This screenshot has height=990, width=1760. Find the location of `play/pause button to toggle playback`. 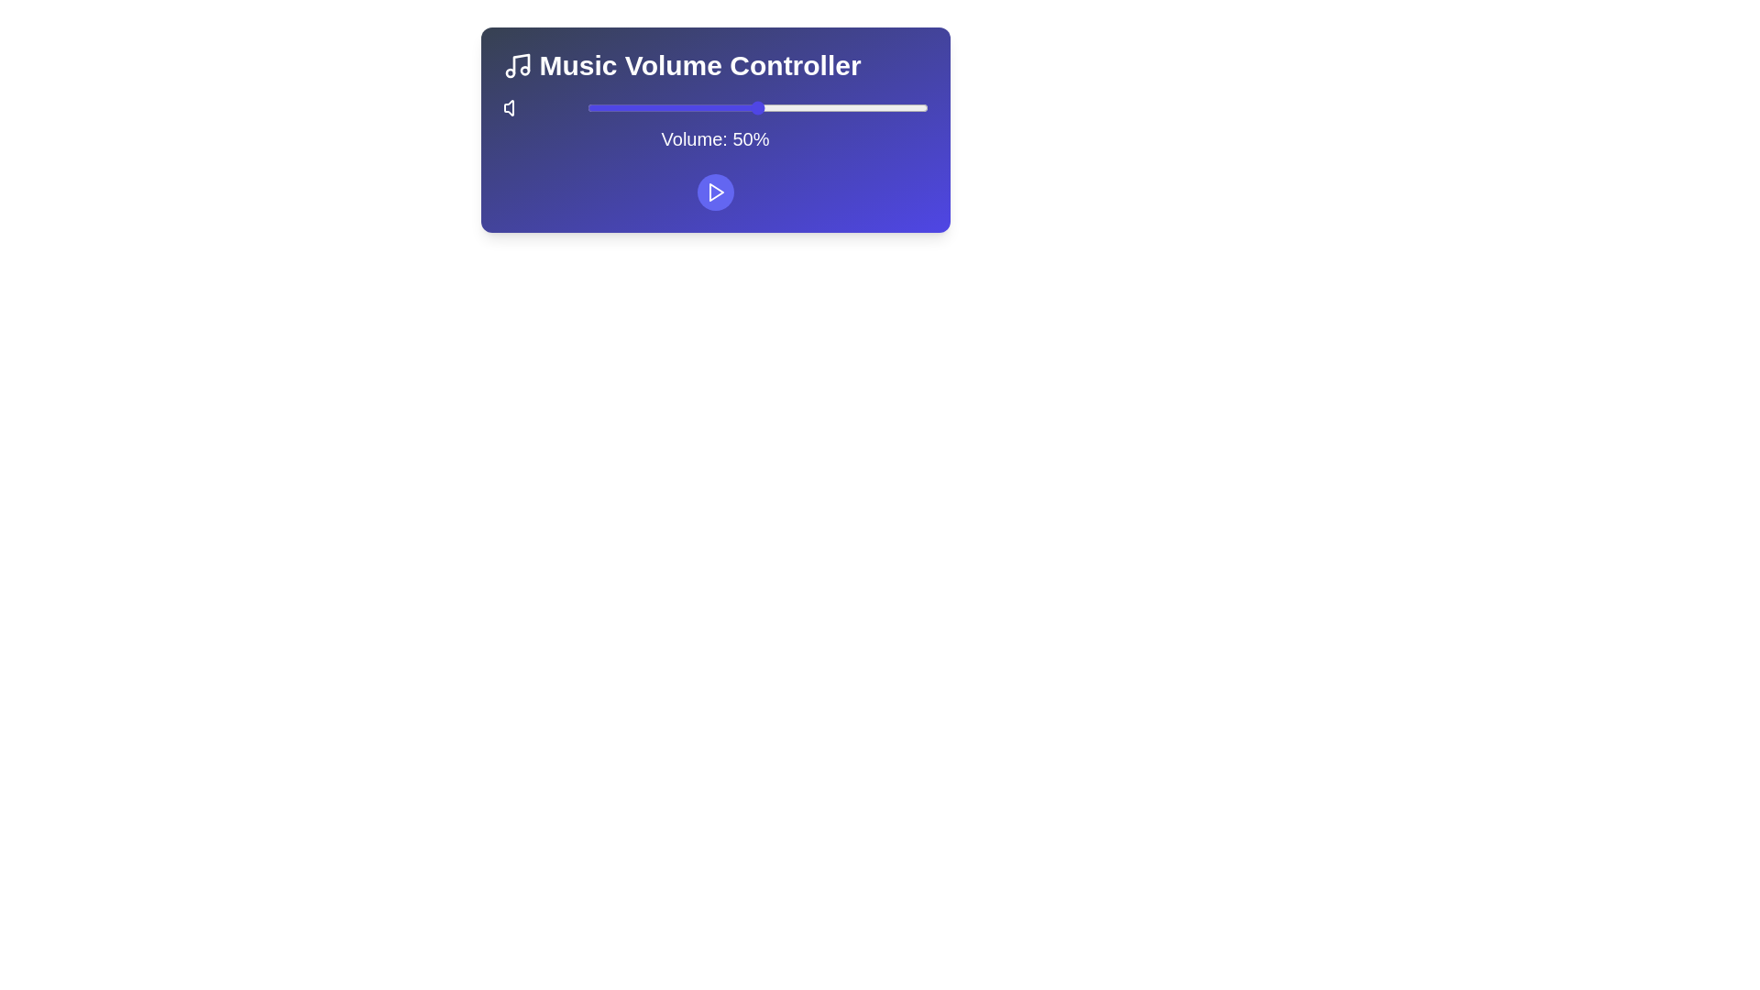

play/pause button to toggle playback is located at coordinates (714, 192).